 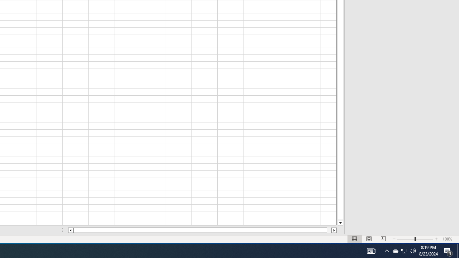 I want to click on 'Action Center, 4 new notifications', so click(x=448, y=250).